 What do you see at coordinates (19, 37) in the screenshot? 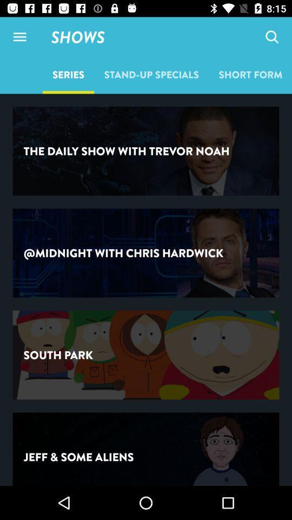
I see `open/close menu` at bounding box center [19, 37].